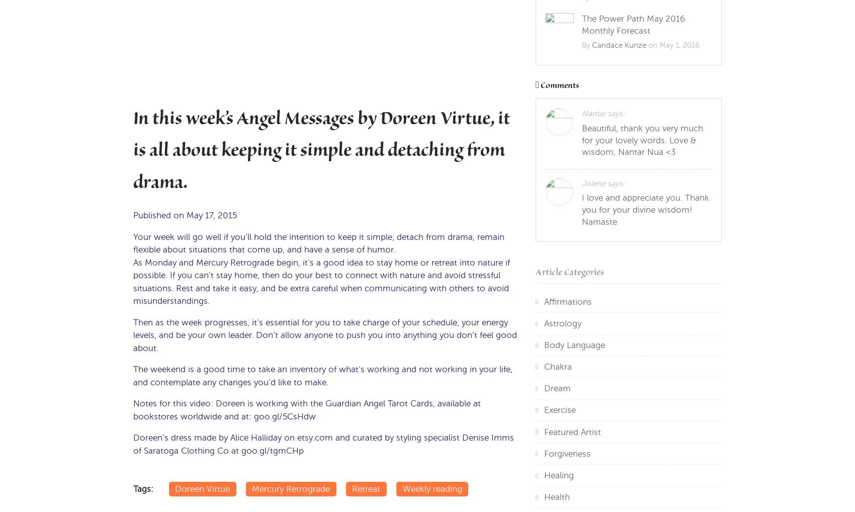 This screenshot has width=855, height=512. Describe the element at coordinates (323, 444) in the screenshot. I see `'Doreen’s dress made by Alice Halliday on etsy.com and curated by styling specialist Denise Imms of Saratoga Clothing Co at goo.gl/tgmCHp'` at that location.